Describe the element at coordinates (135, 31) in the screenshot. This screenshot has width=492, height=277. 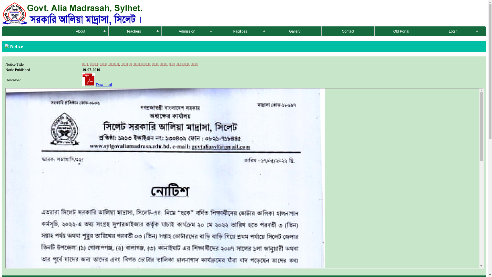
I see `'Teachers'` at that location.